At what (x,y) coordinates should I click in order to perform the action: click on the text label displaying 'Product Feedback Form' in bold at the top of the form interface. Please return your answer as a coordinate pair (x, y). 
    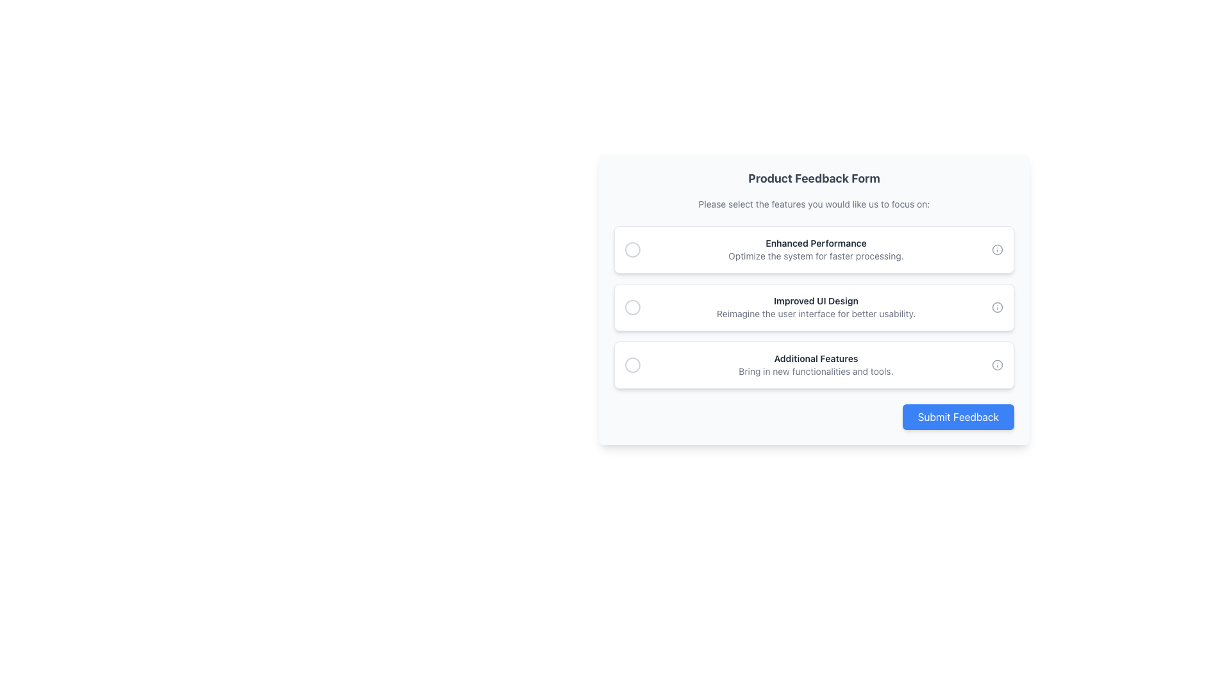
    Looking at the image, I should click on (814, 178).